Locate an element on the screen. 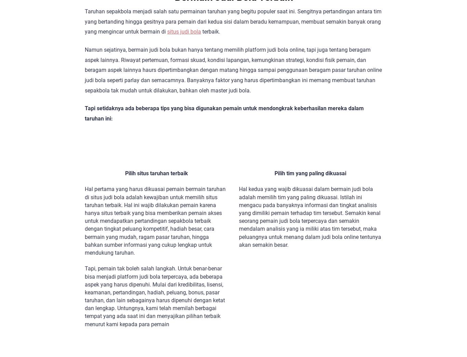 The image size is (467, 357). 'Pilih situs taruhan terbaik' is located at coordinates (156, 173).